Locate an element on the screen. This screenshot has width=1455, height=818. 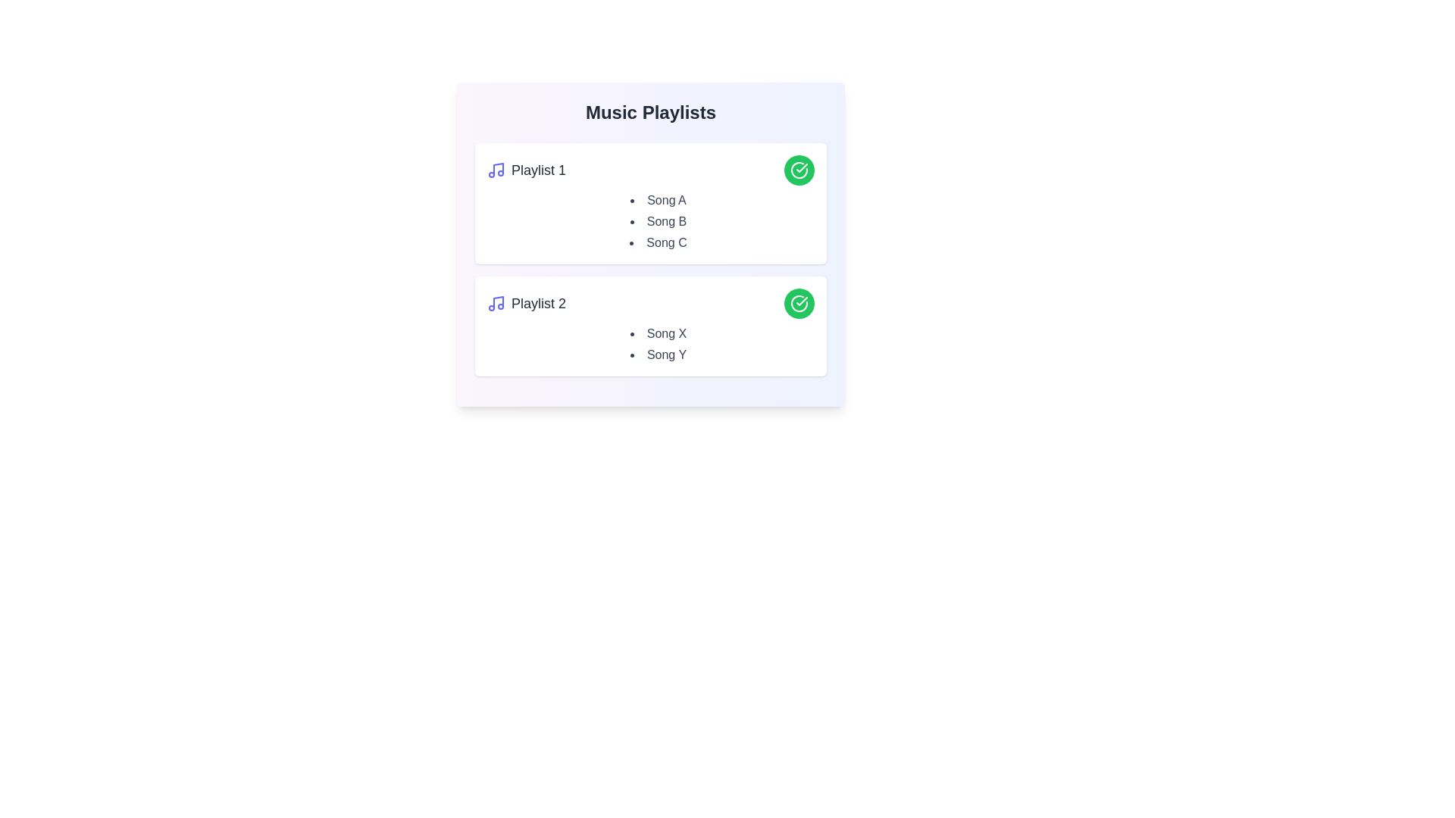
the song Song X to observe its hover effect is located at coordinates (658, 333).